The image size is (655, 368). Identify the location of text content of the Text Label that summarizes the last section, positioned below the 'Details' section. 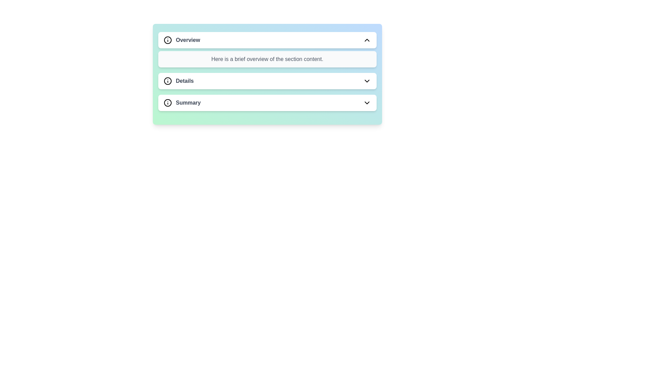
(188, 103).